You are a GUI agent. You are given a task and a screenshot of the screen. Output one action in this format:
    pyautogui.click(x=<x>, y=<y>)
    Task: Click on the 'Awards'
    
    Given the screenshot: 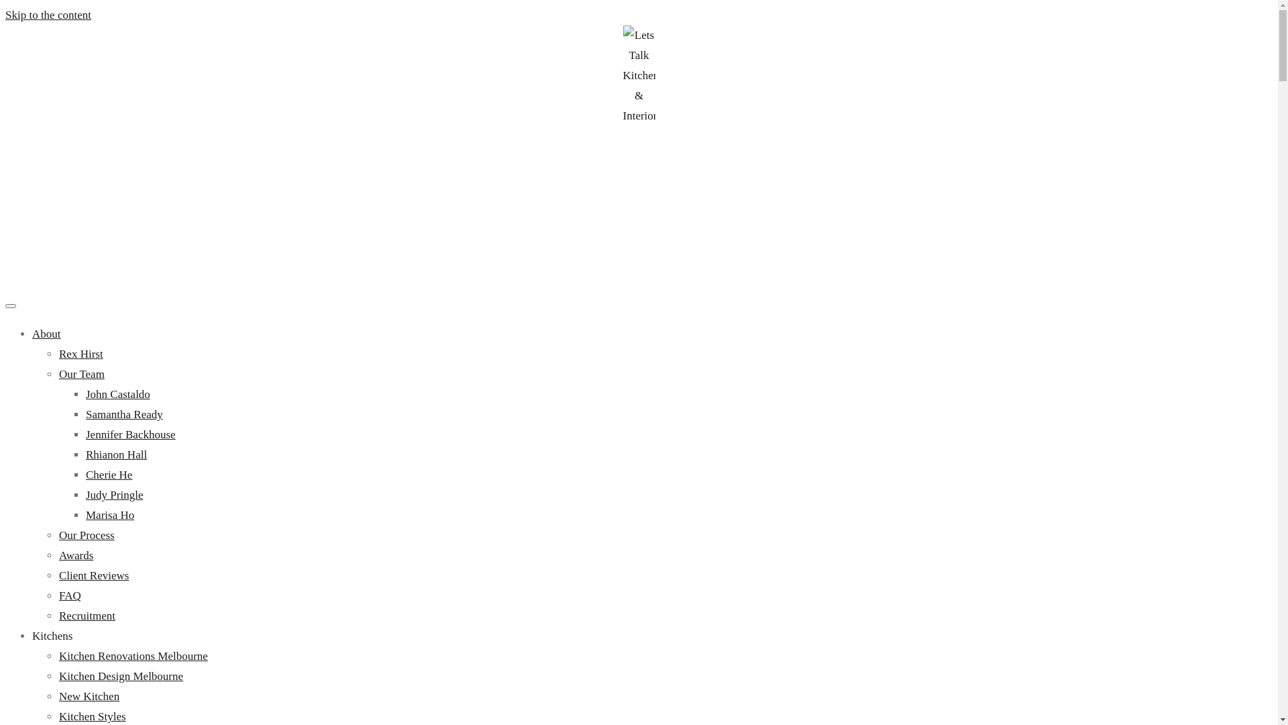 What is the action you would take?
    pyautogui.click(x=75, y=555)
    